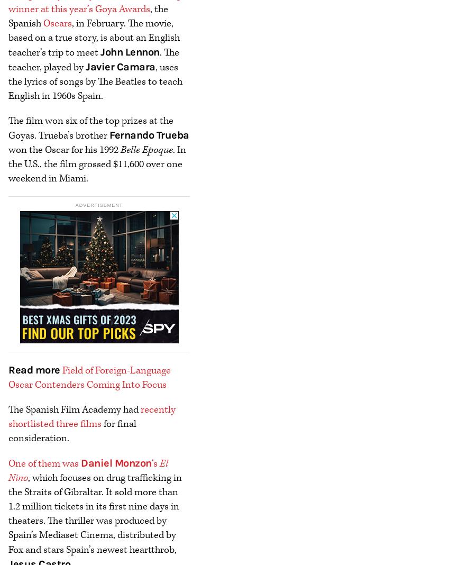 This screenshot has width=449, height=565. What do you see at coordinates (56, 135) in the screenshot?
I see `'Trueba’s'` at bounding box center [56, 135].